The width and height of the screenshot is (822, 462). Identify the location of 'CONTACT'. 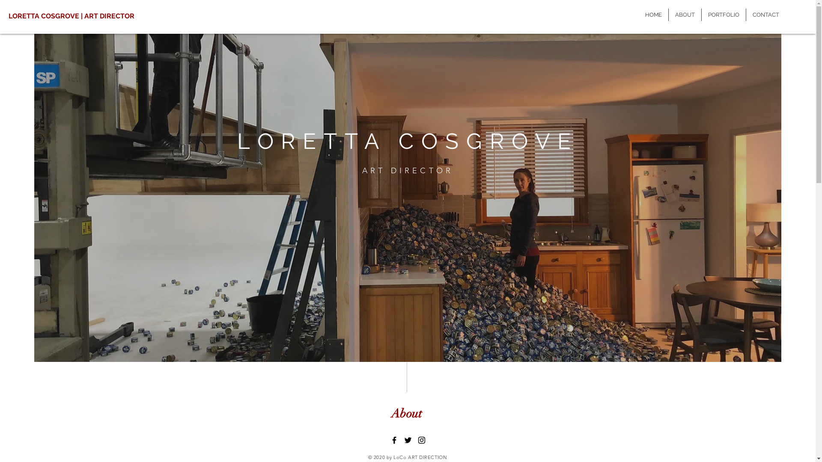
(766, 15).